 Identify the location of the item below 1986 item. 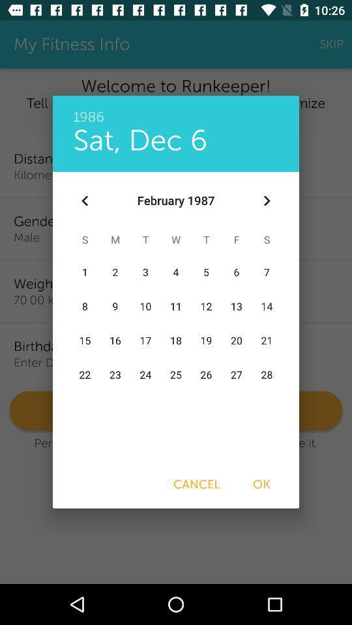
(139, 140).